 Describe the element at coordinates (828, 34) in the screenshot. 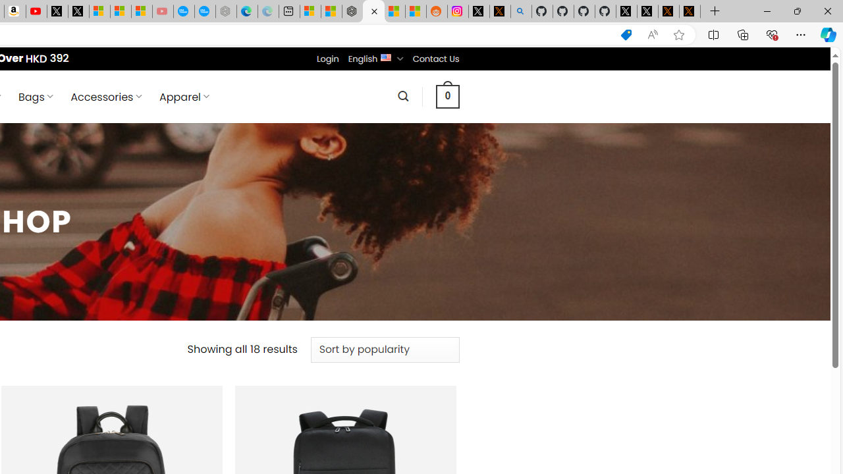

I see `'Copilot (Ctrl+Shift+.)'` at that location.